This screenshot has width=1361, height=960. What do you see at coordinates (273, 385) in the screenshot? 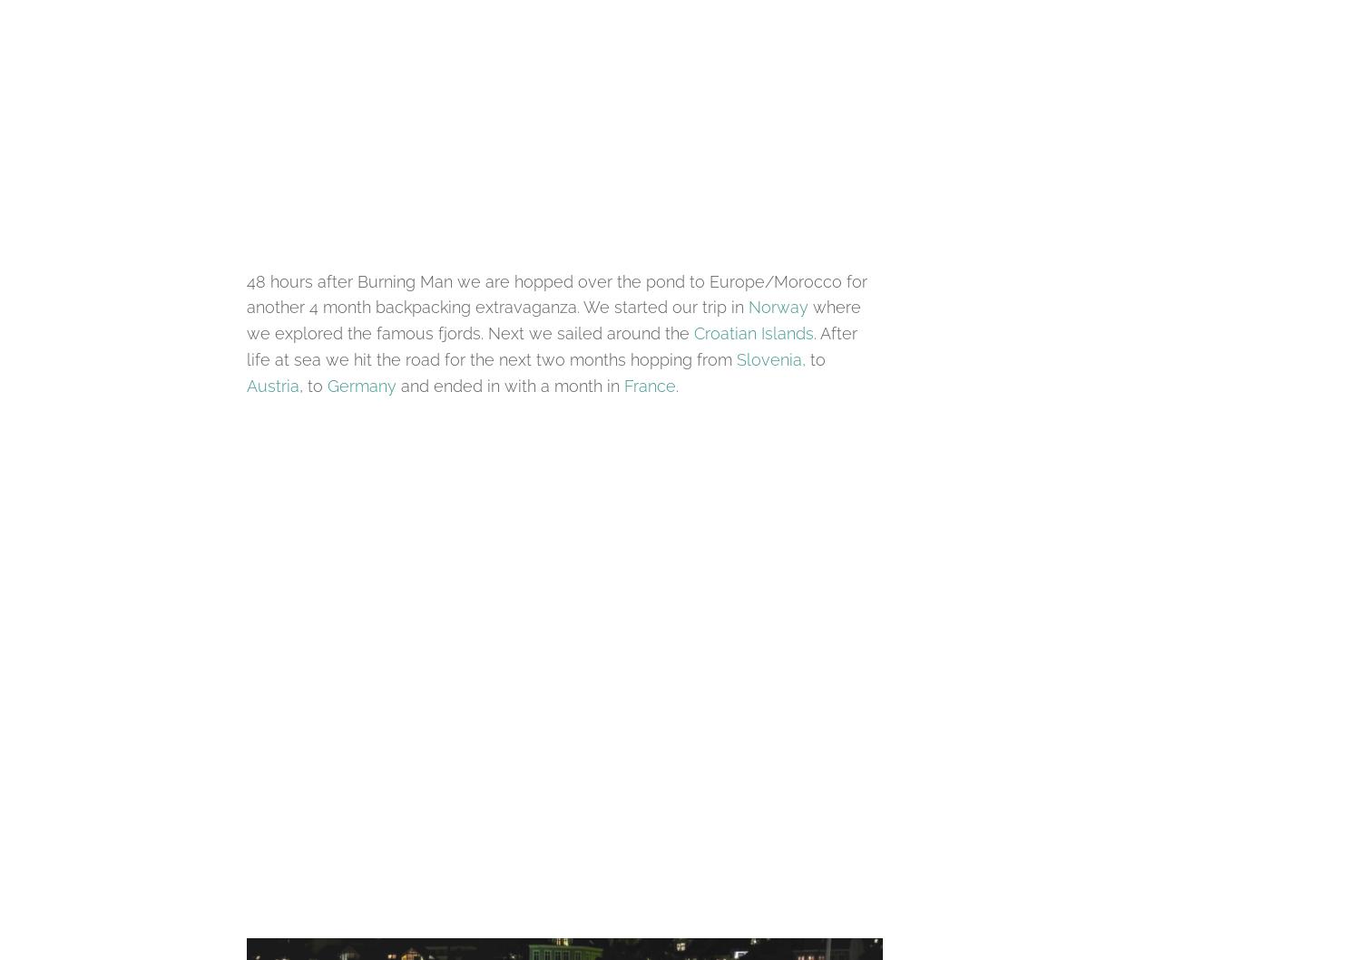
I see `'Austria'` at bounding box center [273, 385].